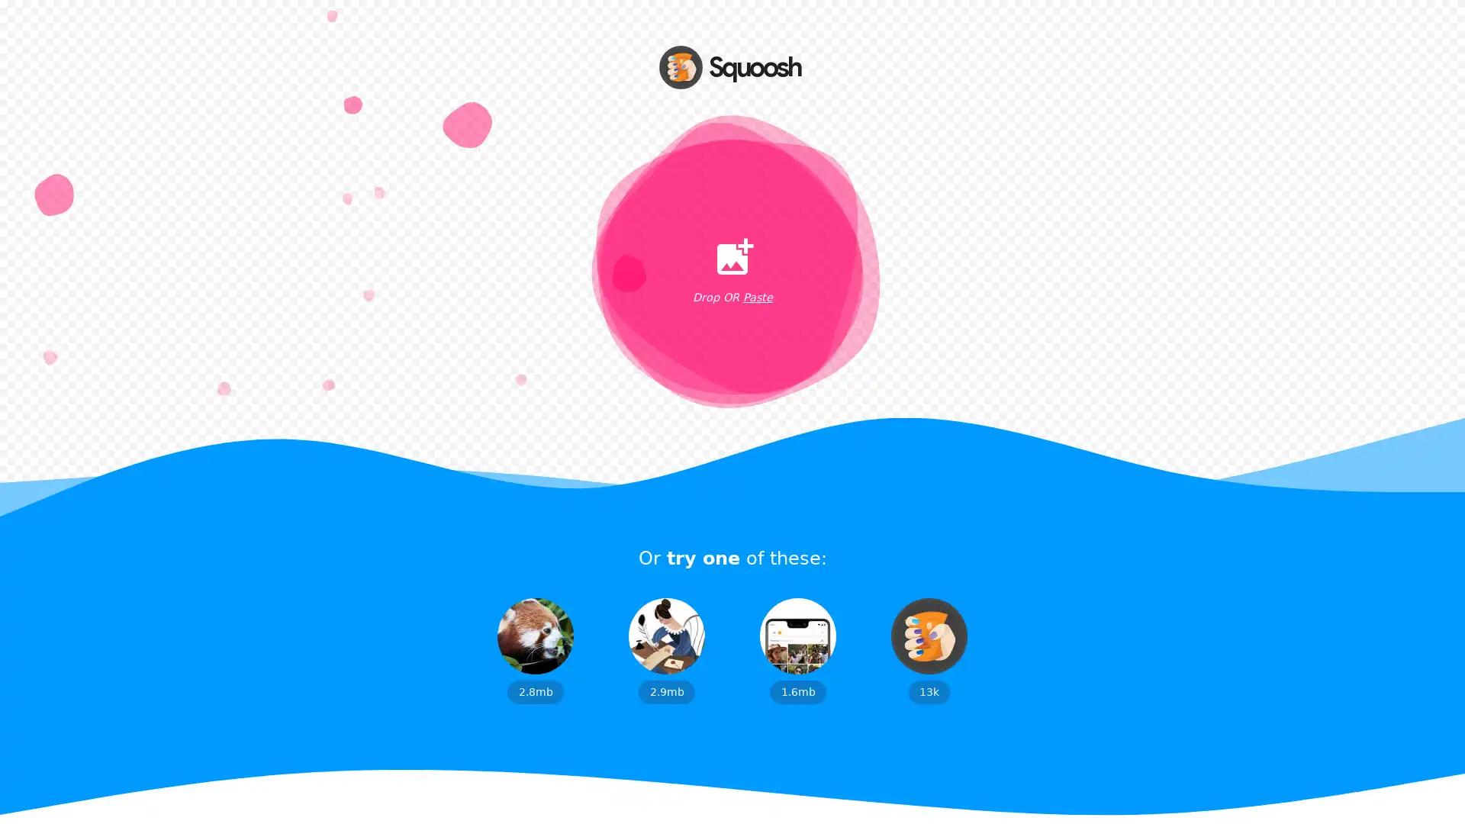  I want to click on Artwork 2.9mb, so click(666, 650).